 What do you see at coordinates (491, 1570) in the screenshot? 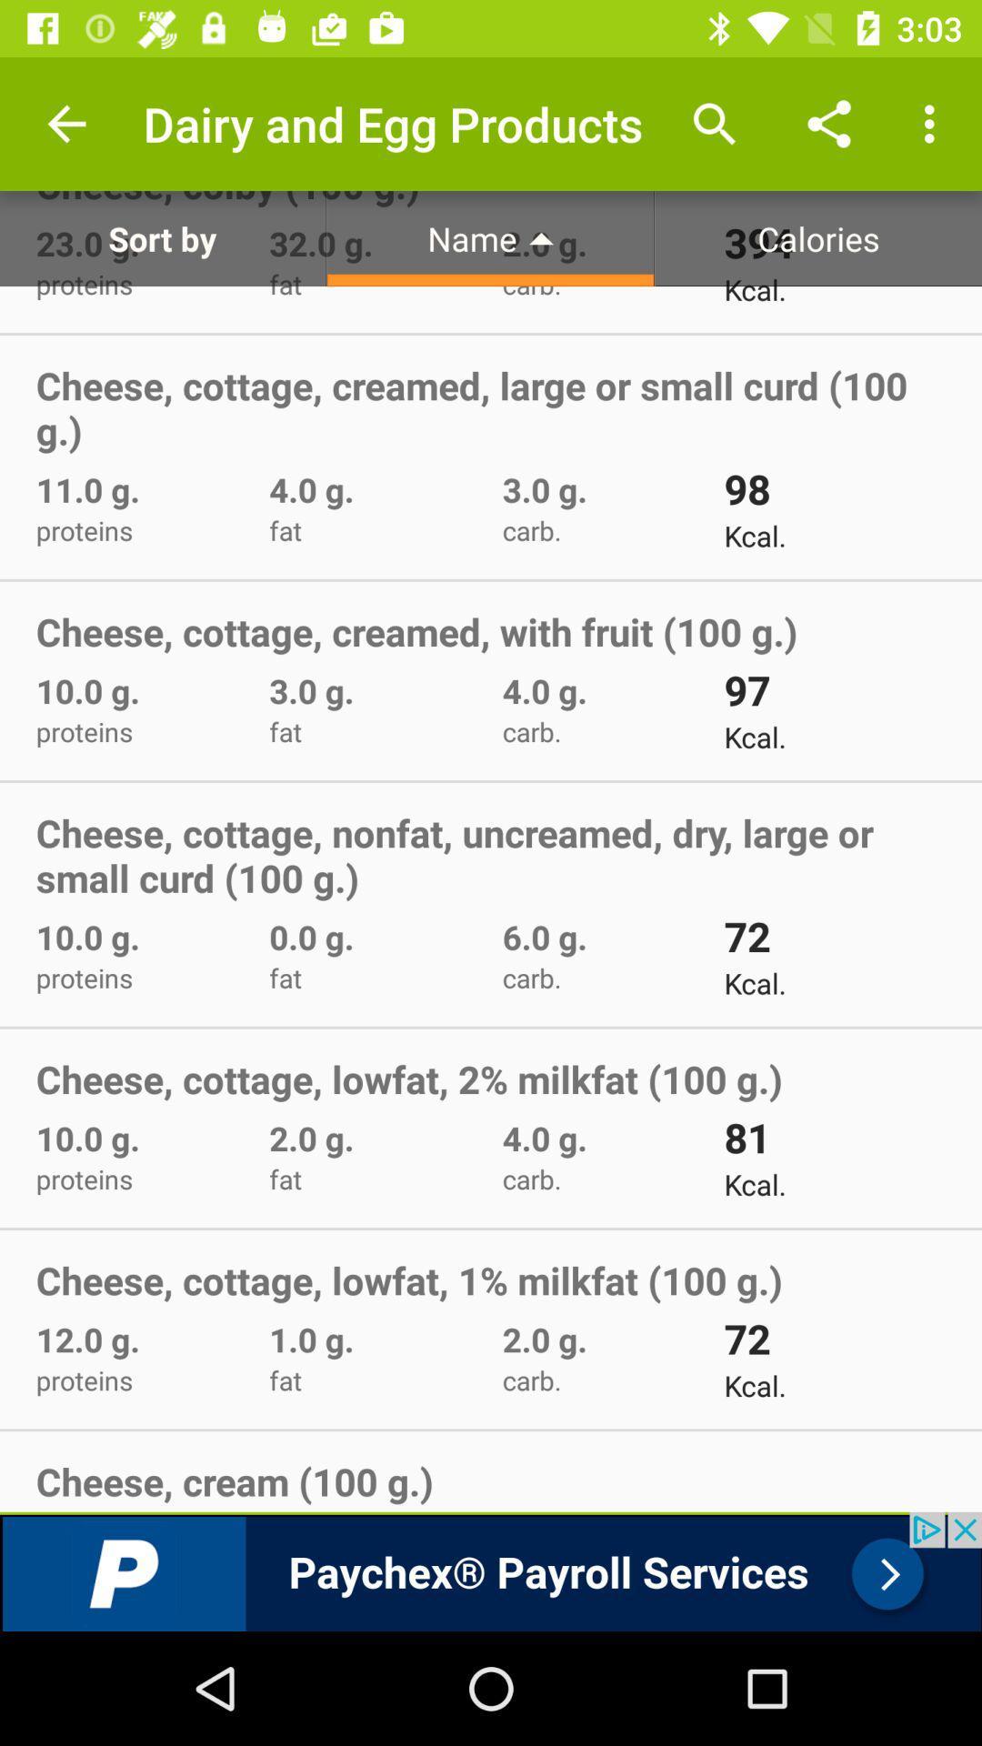
I see `open advertisement` at bounding box center [491, 1570].